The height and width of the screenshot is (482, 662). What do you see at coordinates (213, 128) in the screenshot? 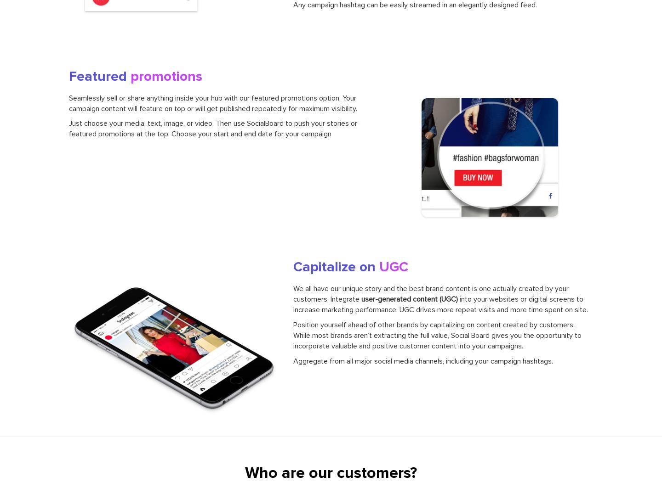
I see `'Just choose your media: text, image, or video. Then use SocialBoard to push your stories or featured promotions at the top. Choose your start and end date for your campaign'` at bounding box center [213, 128].